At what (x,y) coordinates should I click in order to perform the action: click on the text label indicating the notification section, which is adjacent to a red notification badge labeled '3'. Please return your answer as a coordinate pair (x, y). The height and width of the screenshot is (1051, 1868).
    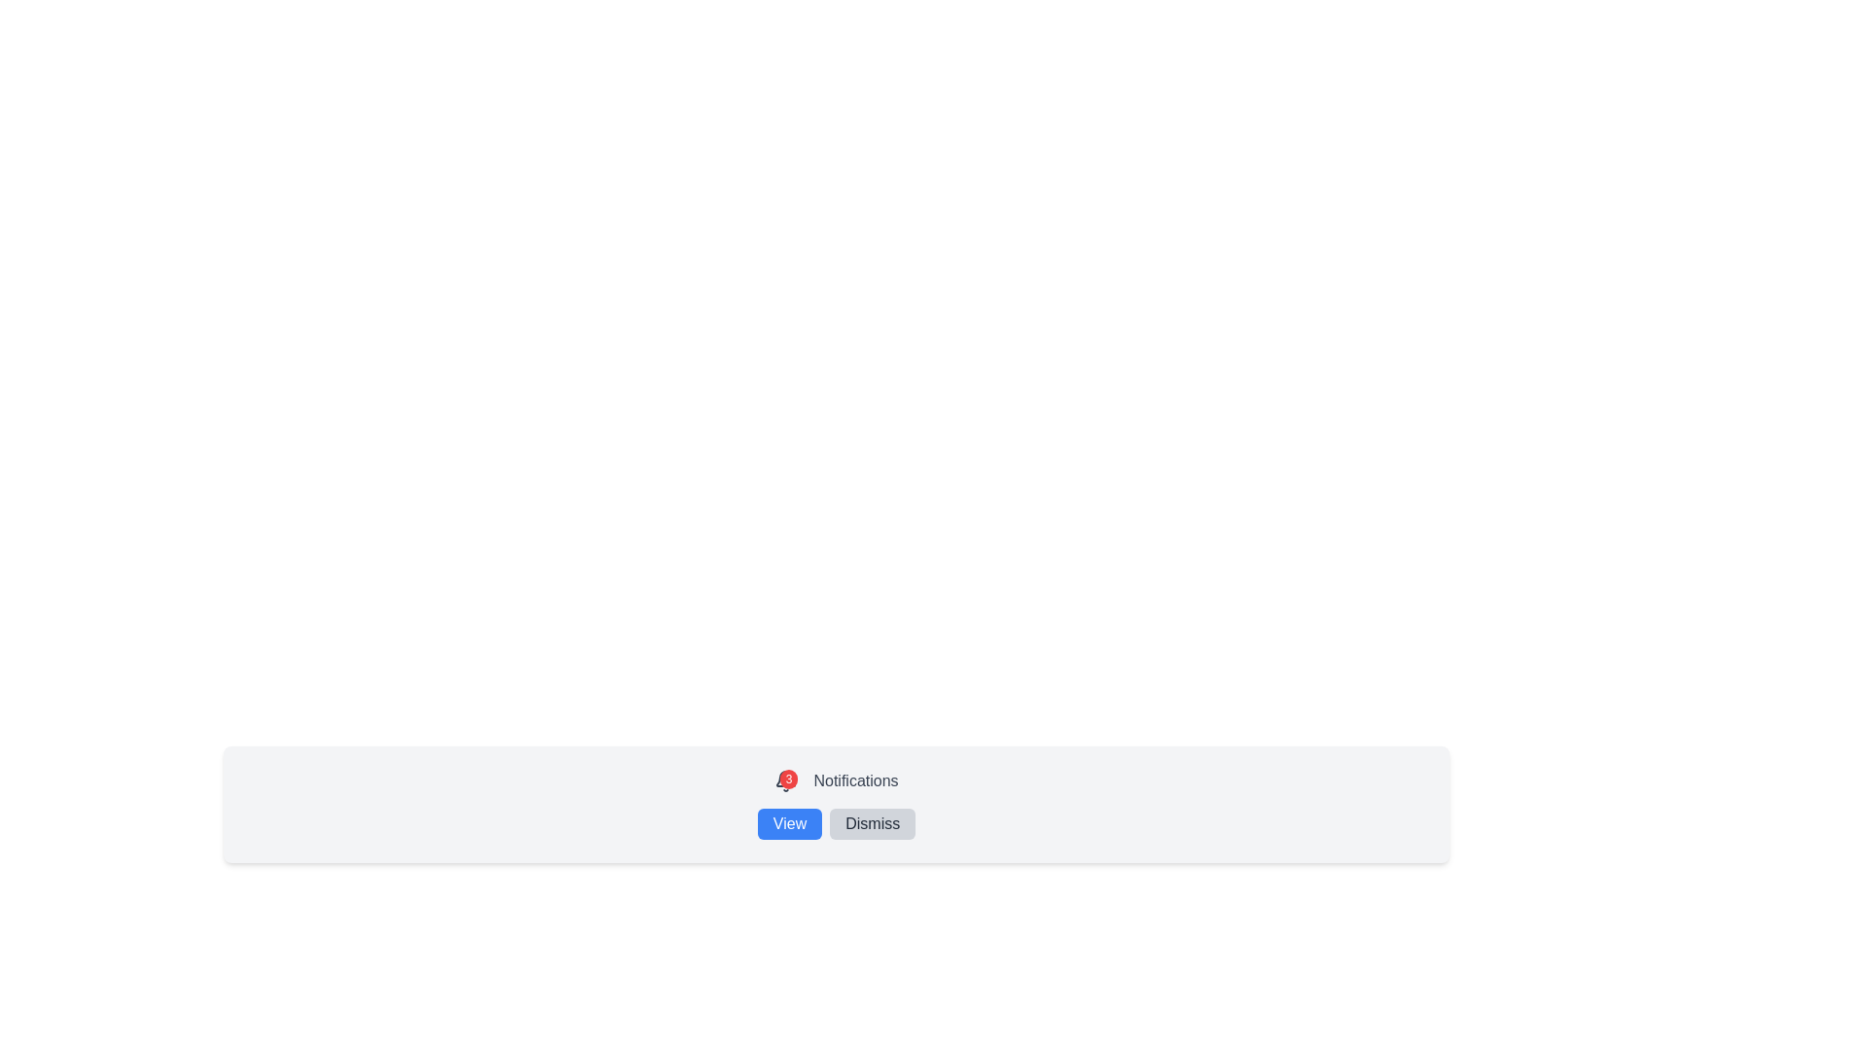
    Looking at the image, I should click on (855, 779).